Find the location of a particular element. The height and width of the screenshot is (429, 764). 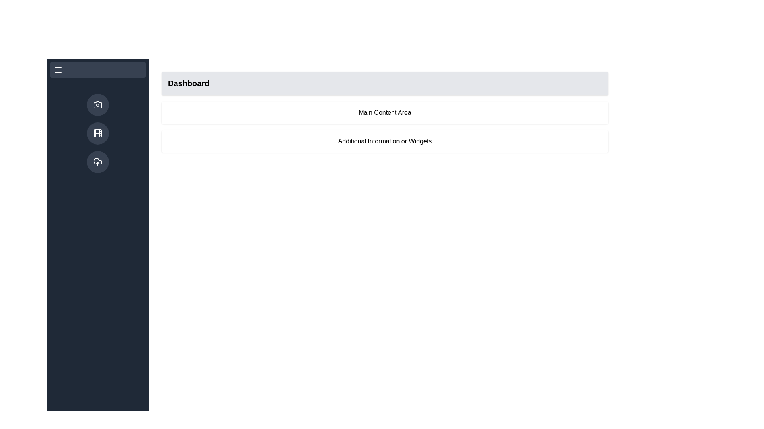

the hamburger menu icon located in the upper-left corner of the sidebar is located at coordinates (57, 70).